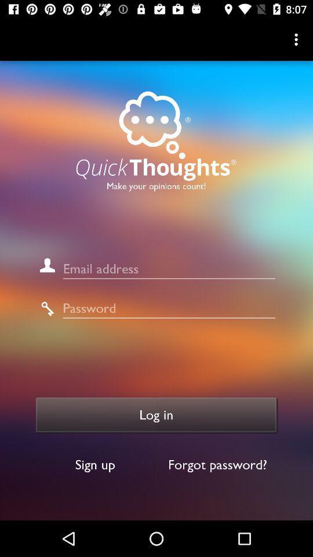 This screenshot has height=557, width=313. I want to click on insert email, so click(168, 269).